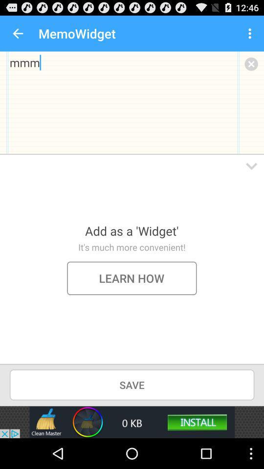 Image resolution: width=264 pixels, height=469 pixels. What do you see at coordinates (251, 166) in the screenshot?
I see `drop down button` at bounding box center [251, 166].